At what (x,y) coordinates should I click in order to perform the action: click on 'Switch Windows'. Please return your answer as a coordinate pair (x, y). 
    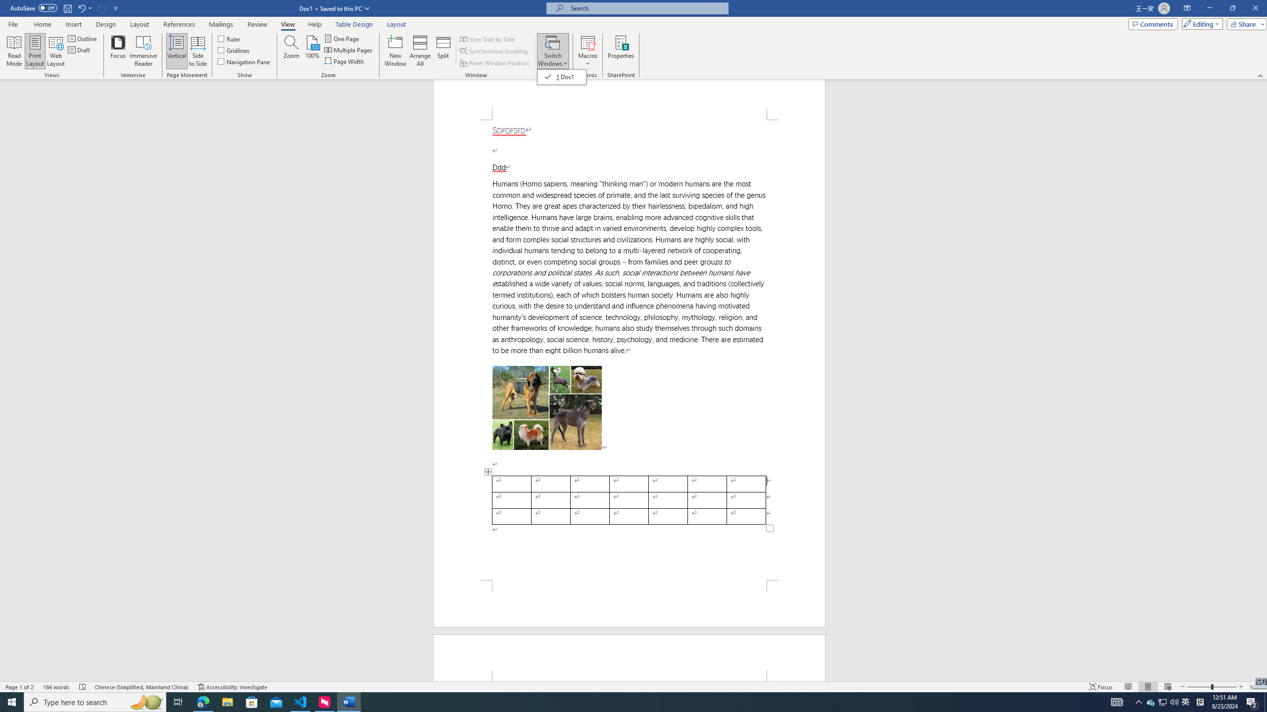
    Looking at the image, I should click on (561, 76).